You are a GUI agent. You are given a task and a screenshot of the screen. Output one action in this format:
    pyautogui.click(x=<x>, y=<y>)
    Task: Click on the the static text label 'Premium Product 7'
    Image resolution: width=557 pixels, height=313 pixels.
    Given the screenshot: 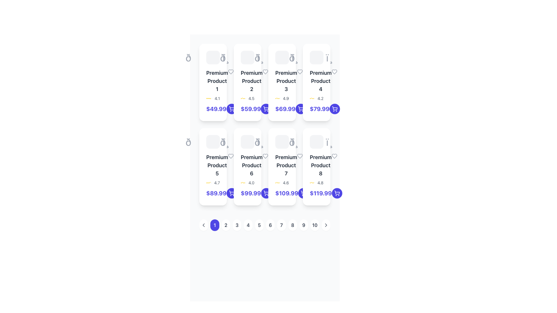 What is the action you would take?
    pyautogui.click(x=286, y=165)
    